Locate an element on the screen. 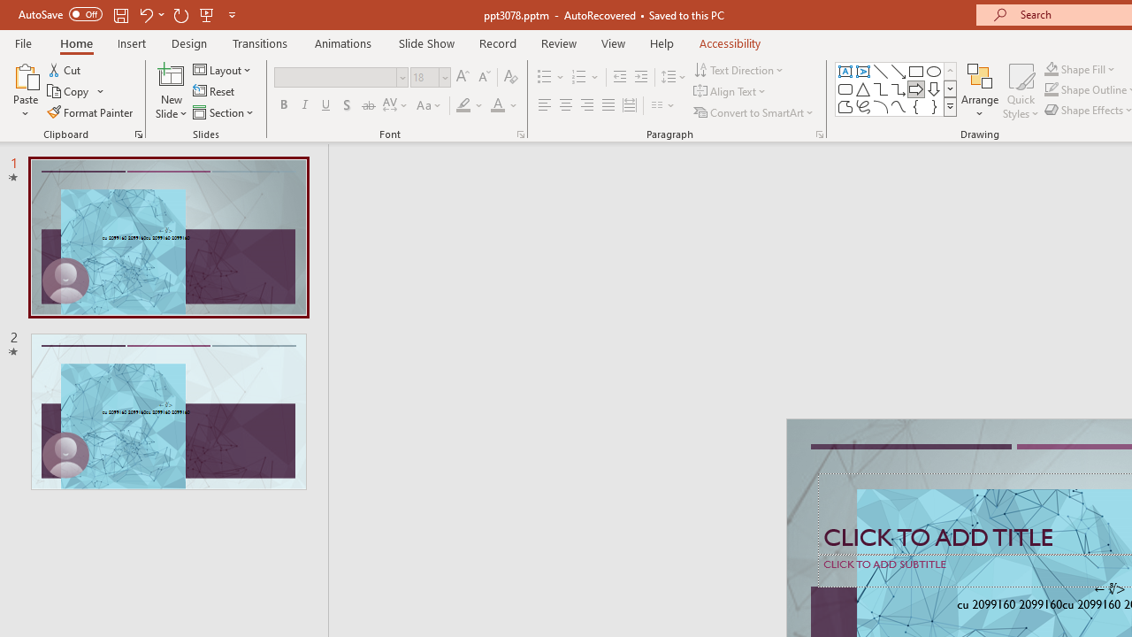  'Shape Fill Dark Green, Accent 2' is located at coordinates (1052, 68).